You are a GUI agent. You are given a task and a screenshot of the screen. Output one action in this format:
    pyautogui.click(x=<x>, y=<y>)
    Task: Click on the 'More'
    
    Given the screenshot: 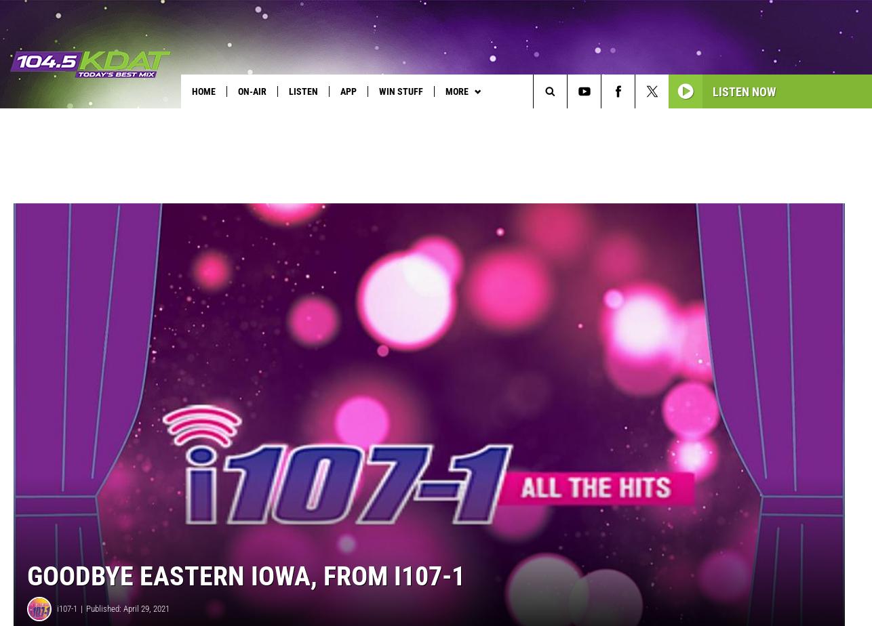 What is the action you would take?
    pyautogui.click(x=456, y=91)
    